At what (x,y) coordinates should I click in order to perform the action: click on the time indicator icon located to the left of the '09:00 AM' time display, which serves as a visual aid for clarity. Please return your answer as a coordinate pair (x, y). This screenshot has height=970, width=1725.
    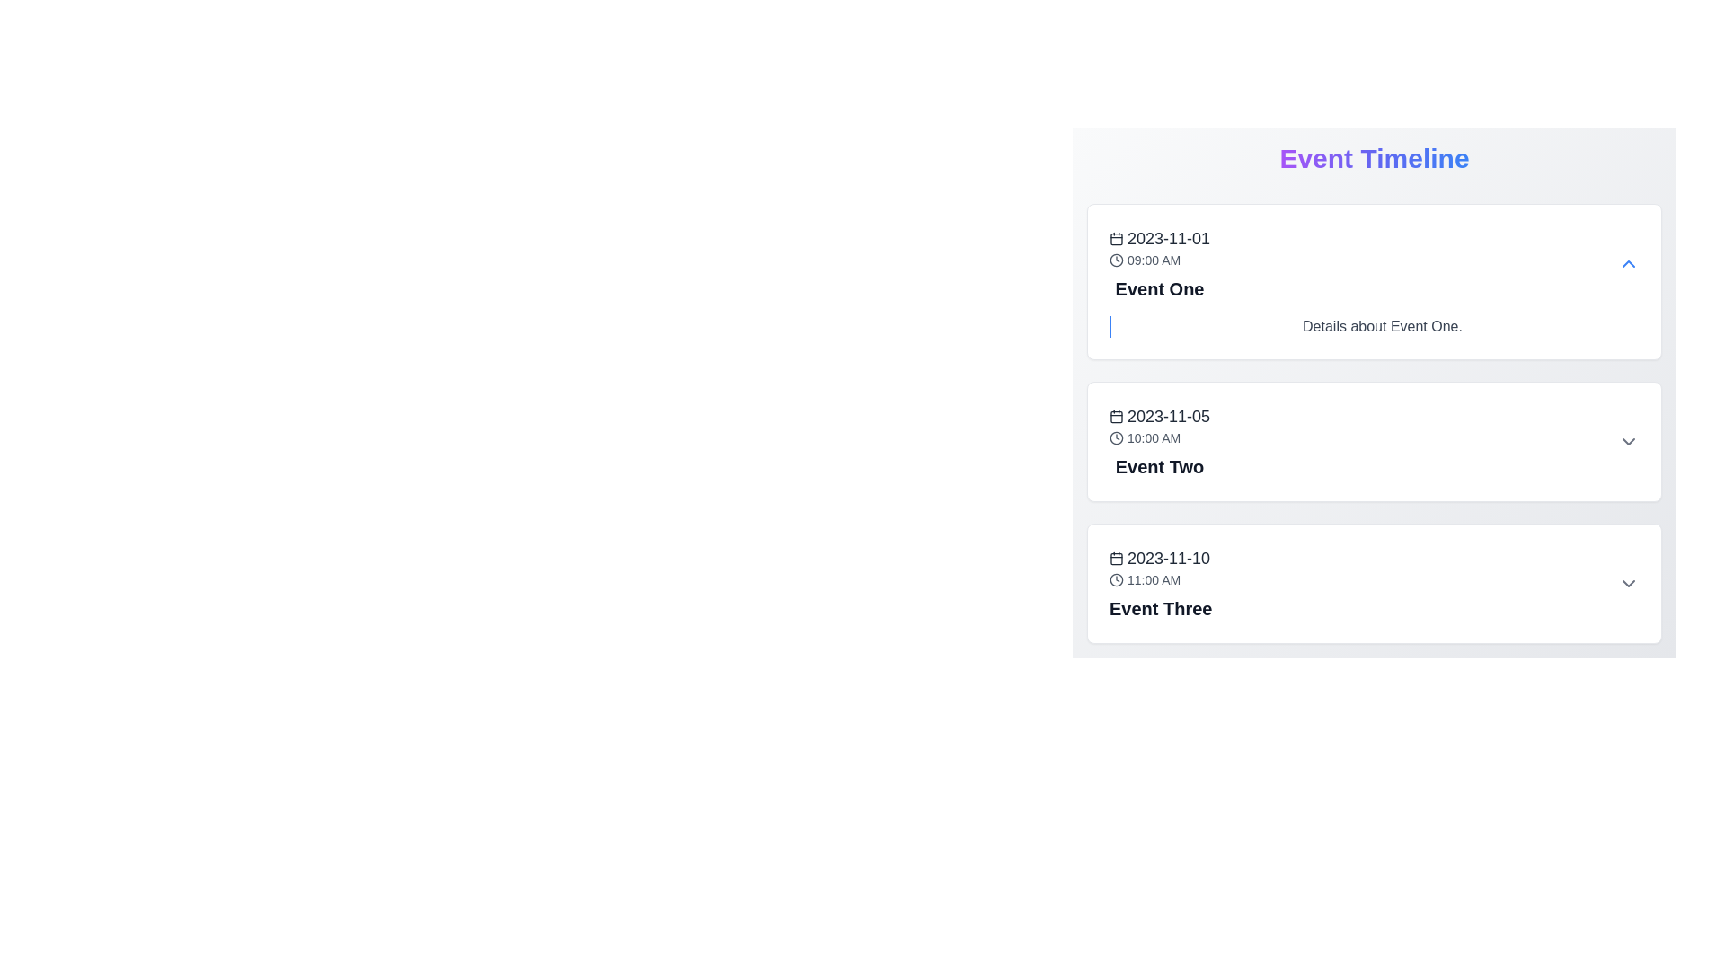
    Looking at the image, I should click on (1116, 260).